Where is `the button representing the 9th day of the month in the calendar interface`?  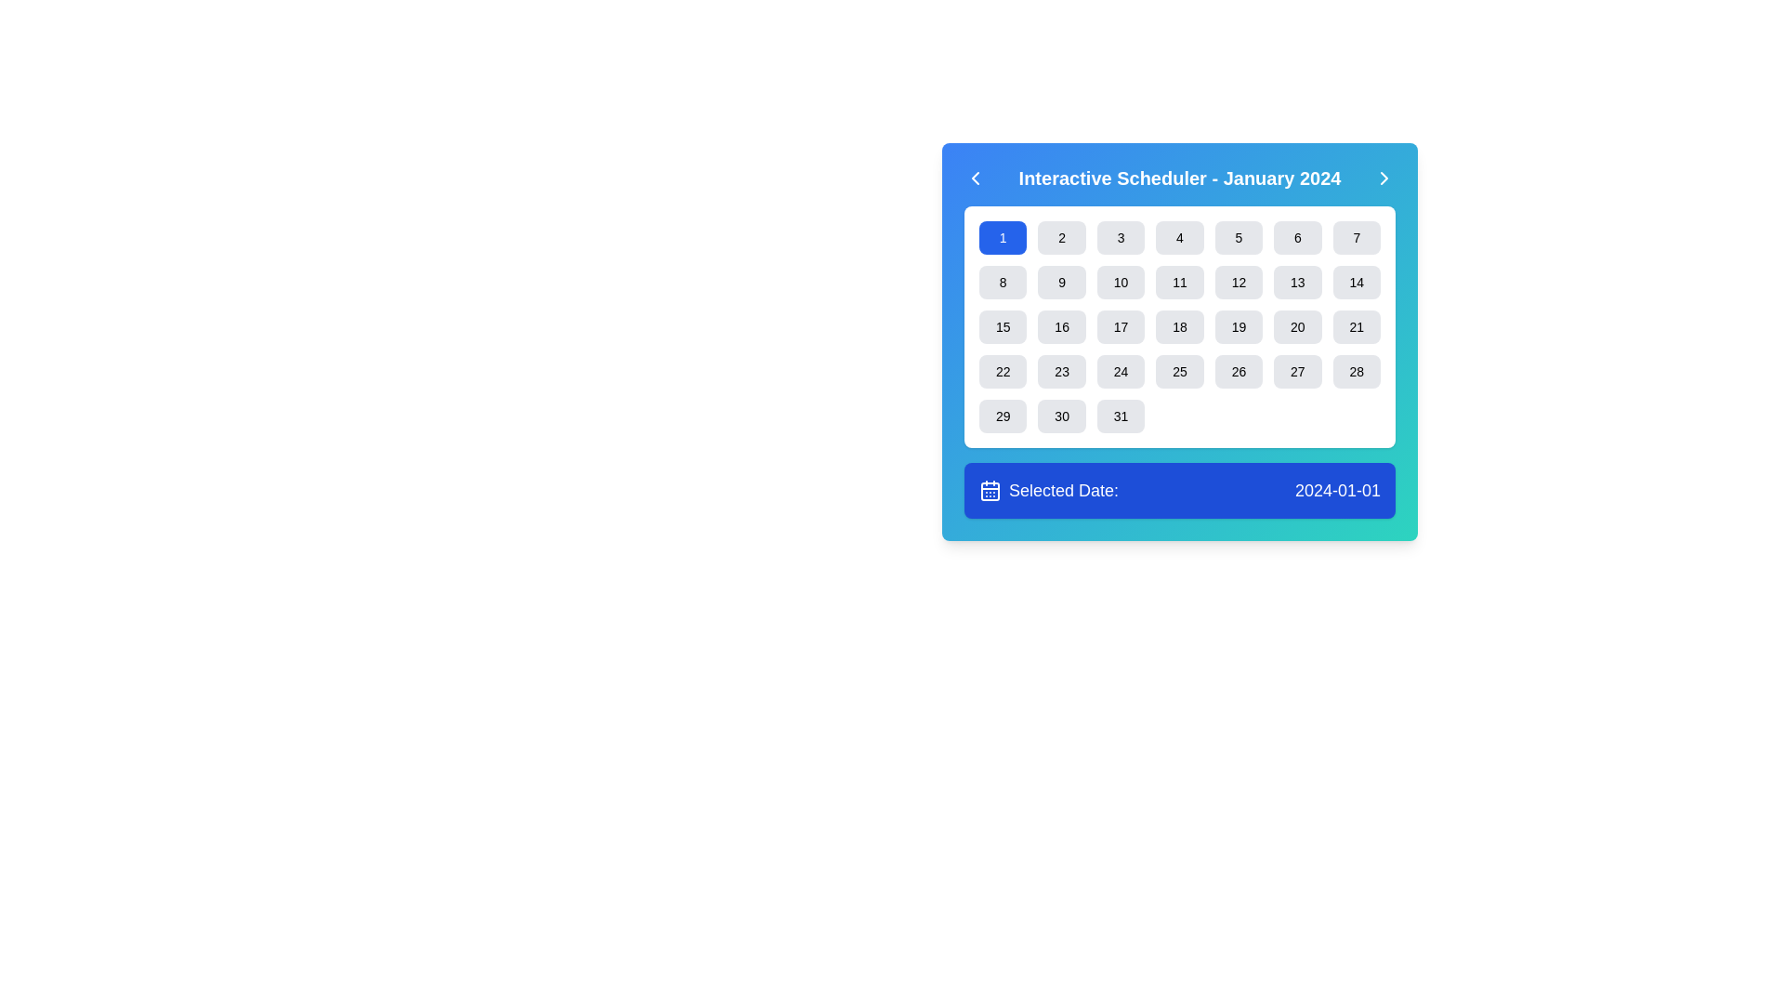
the button representing the 9th day of the month in the calendar interface is located at coordinates (1062, 283).